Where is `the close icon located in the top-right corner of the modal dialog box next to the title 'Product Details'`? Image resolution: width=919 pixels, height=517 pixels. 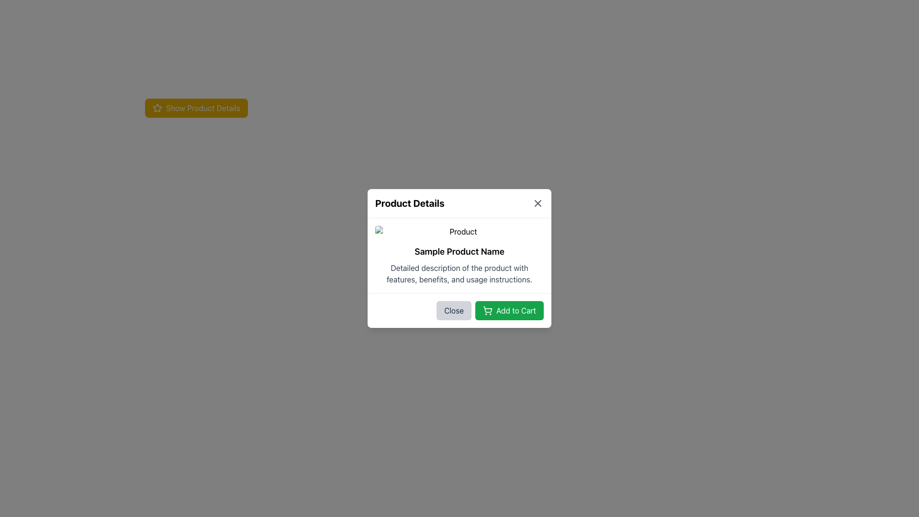 the close icon located in the top-right corner of the modal dialog box next to the title 'Product Details' is located at coordinates (538, 202).